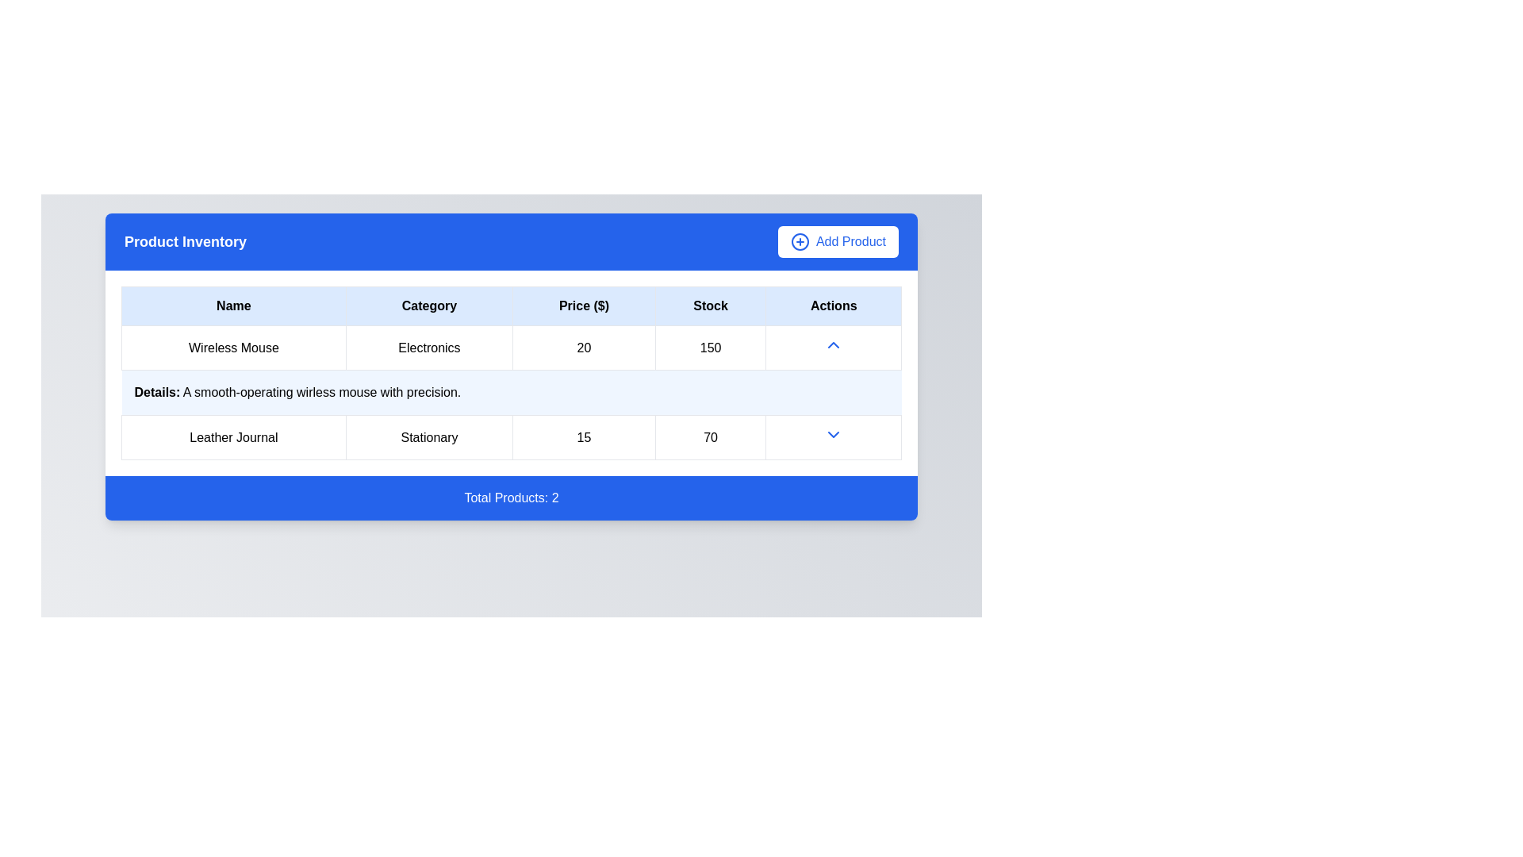  Describe the element at coordinates (800, 241) in the screenshot. I see `the circular blue outlined icon with a plus sign, which is part of the 'Add Product' button located in the top-right corner of the interface above the data table` at that location.